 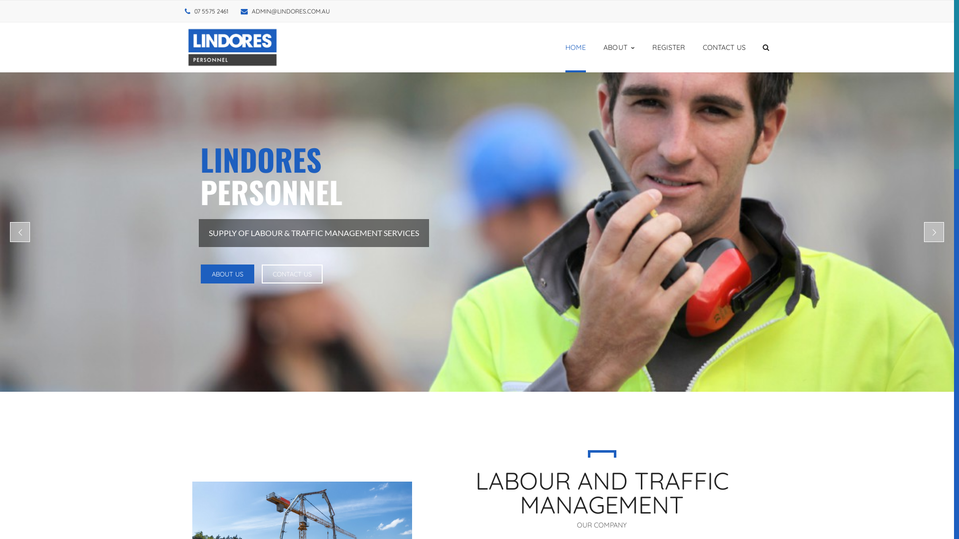 I want to click on 'CONTACT US', so click(x=292, y=273).